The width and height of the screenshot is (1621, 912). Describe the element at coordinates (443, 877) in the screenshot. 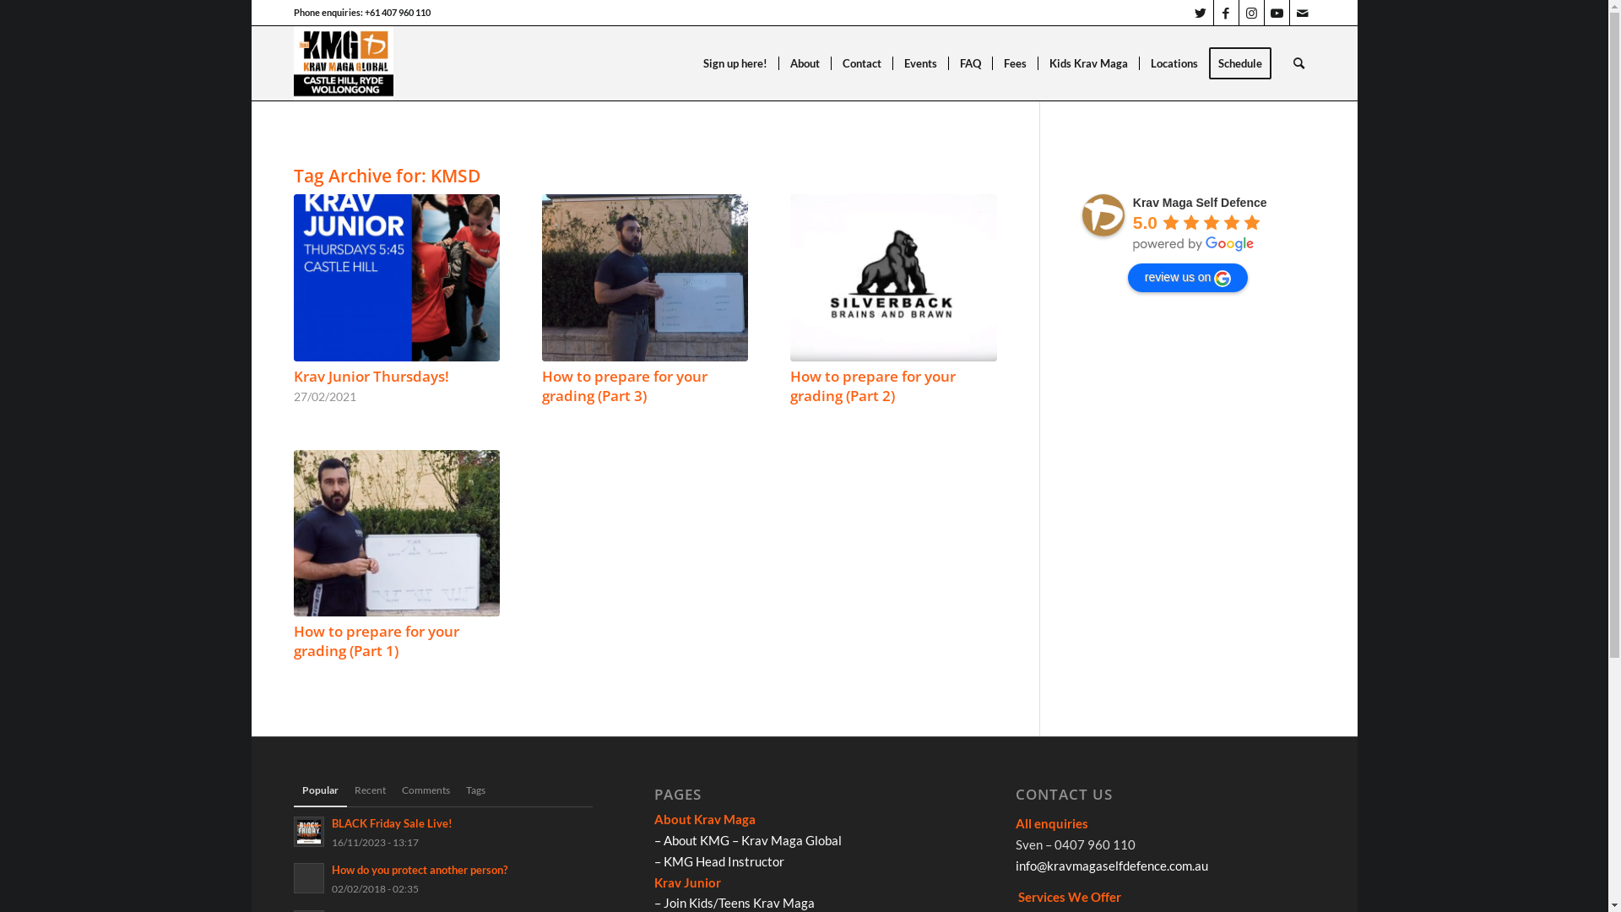

I see `'How do you protect another person?` at that location.